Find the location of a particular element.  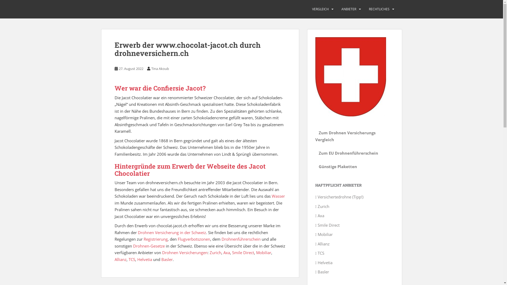

'Drohnen Versicherungen' is located at coordinates (185, 252).